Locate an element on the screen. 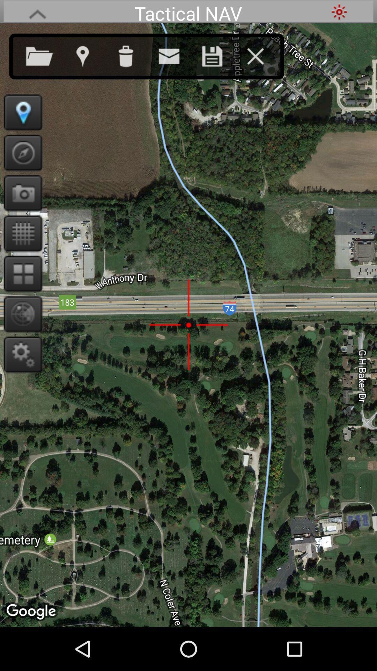  the app to the right of tactical nav item is located at coordinates (339, 12).